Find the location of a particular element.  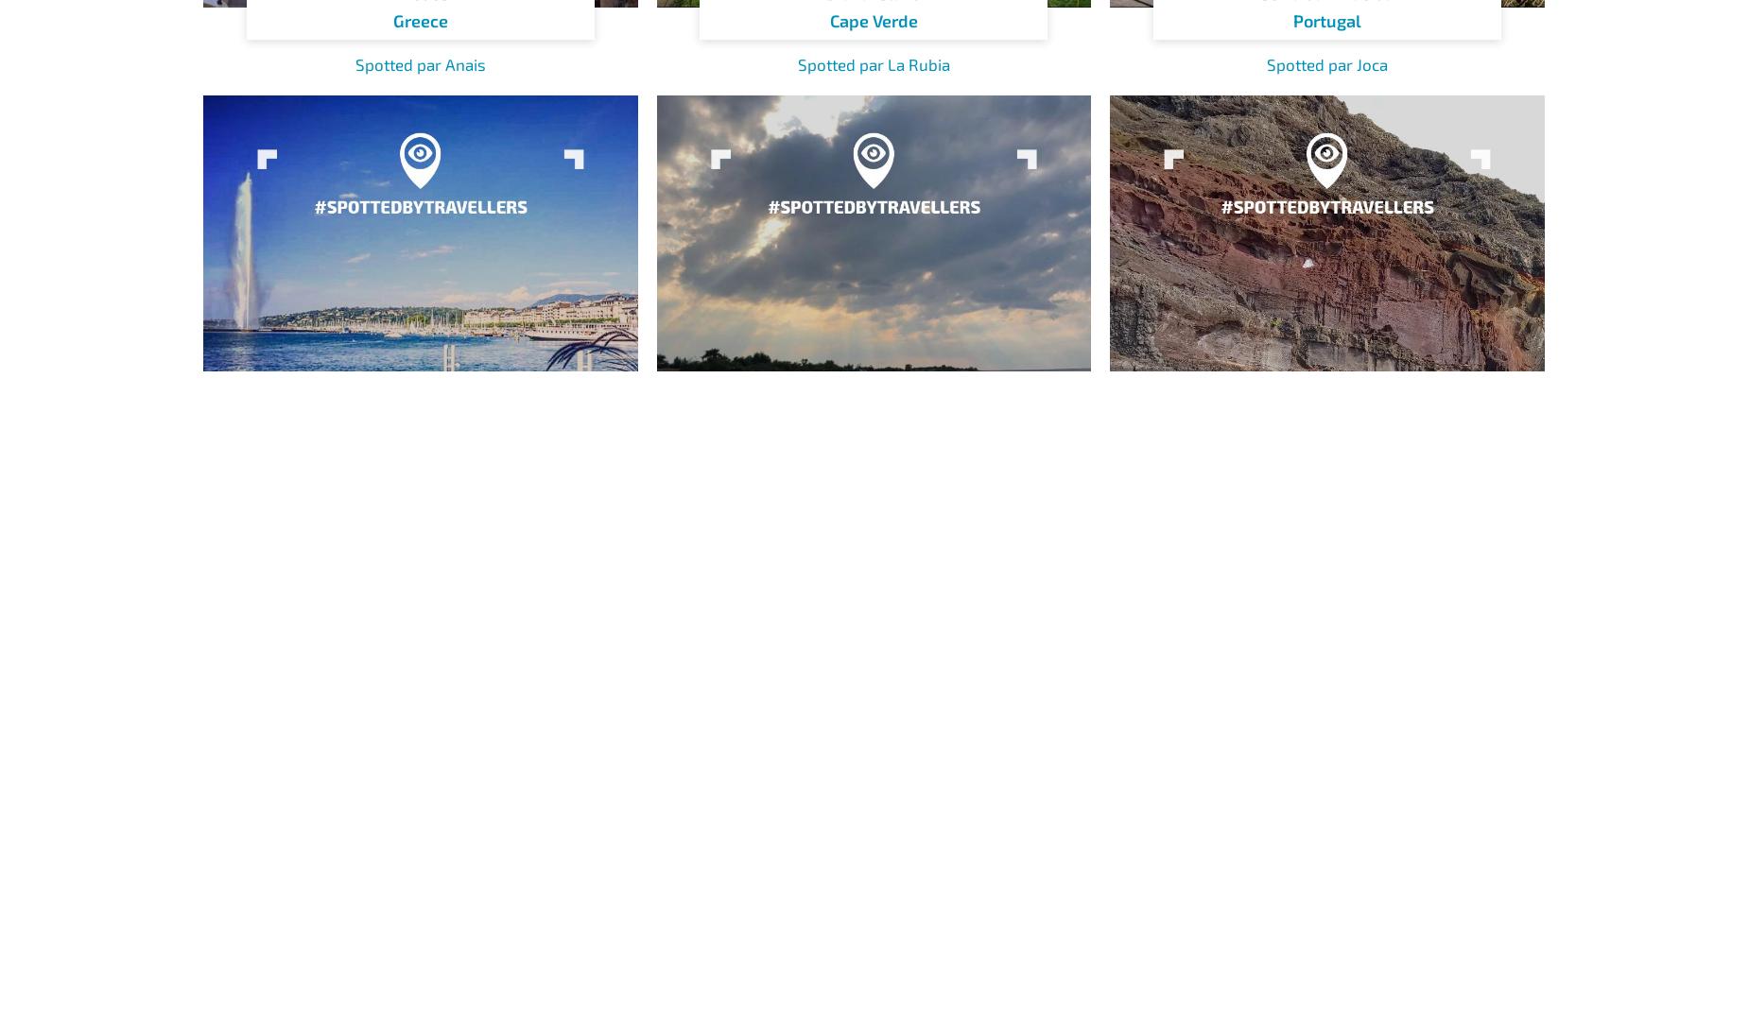

'Spotted par La Rubia' is located at coordinates (873, 63).